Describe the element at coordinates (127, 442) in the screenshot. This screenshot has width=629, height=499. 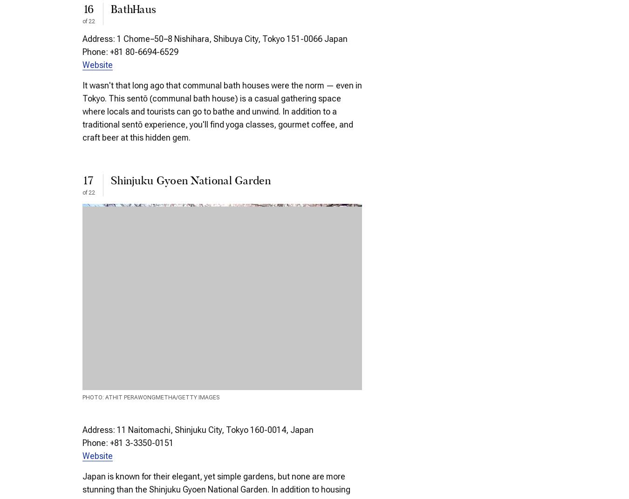
I see `'Phone: +81 3-3350-0151'` at that location.